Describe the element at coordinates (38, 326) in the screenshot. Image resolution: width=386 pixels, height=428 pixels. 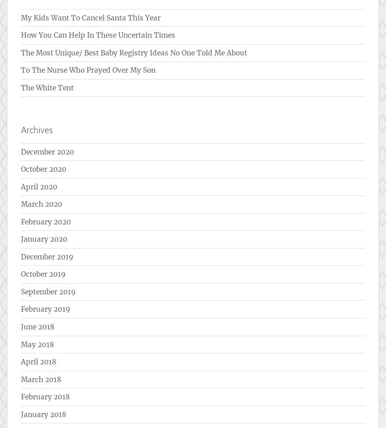
I see `'June 2018'` at that location.